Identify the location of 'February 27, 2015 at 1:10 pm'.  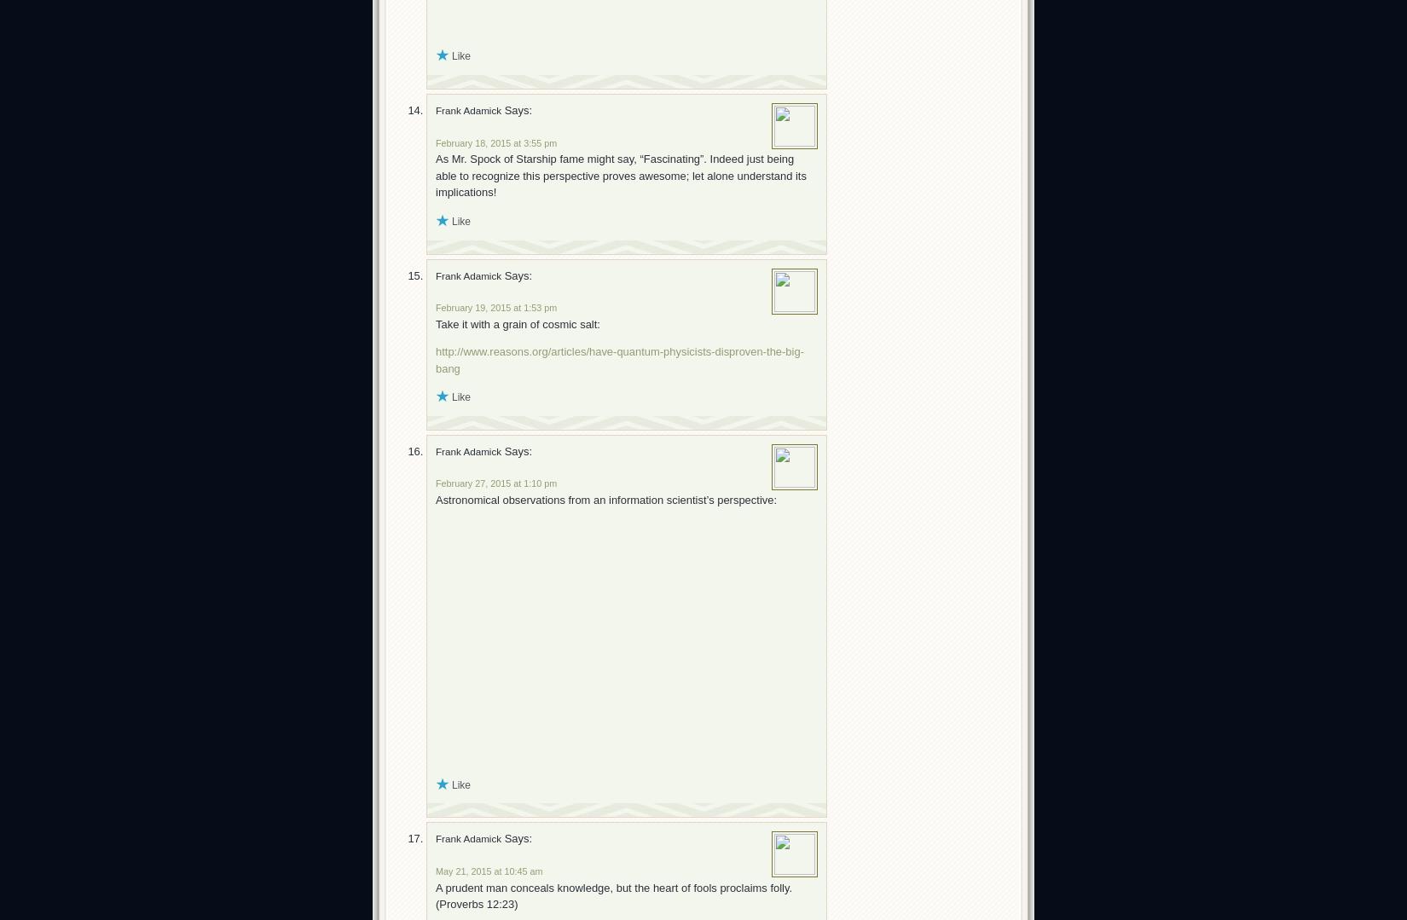
(435, 483).